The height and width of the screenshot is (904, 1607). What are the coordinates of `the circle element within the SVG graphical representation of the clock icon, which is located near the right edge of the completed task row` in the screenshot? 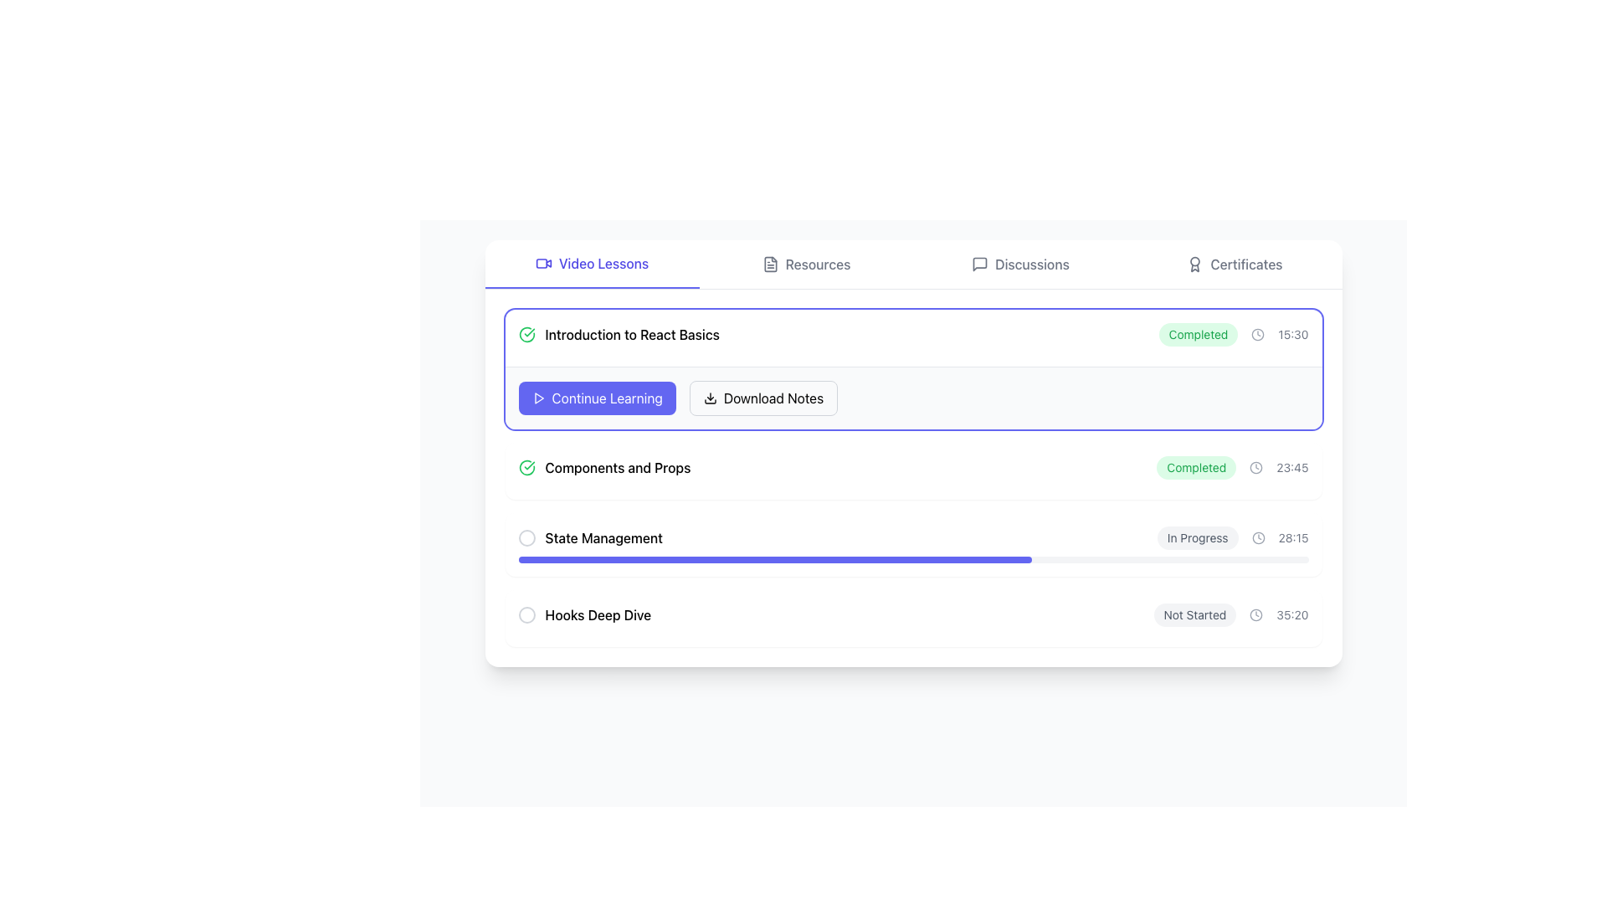 It's located at (1258, 335).